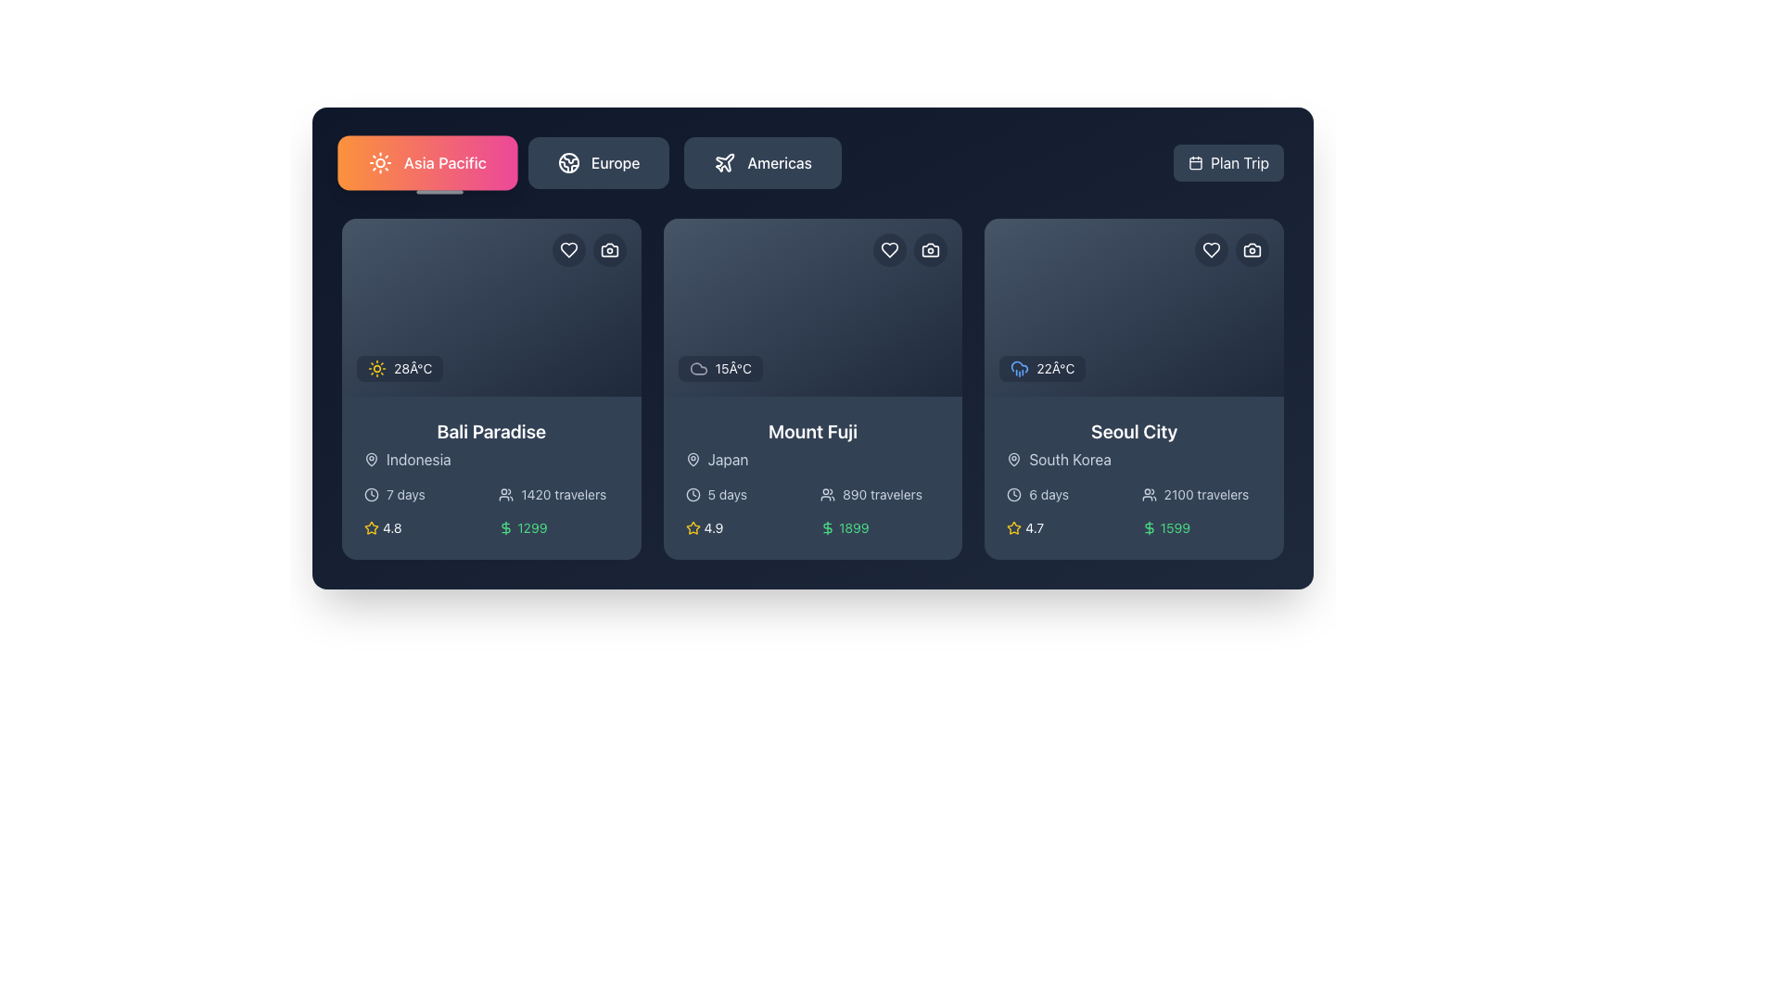 This screenshot has height=1001, width=1780. Describe the element at coordinates (371, 527) in the screenshot. I see `the visual representation of the rating by interacting with the star icon located at the bottom of the 'Bali Paradise' card, specifically in the footer section` at that location.